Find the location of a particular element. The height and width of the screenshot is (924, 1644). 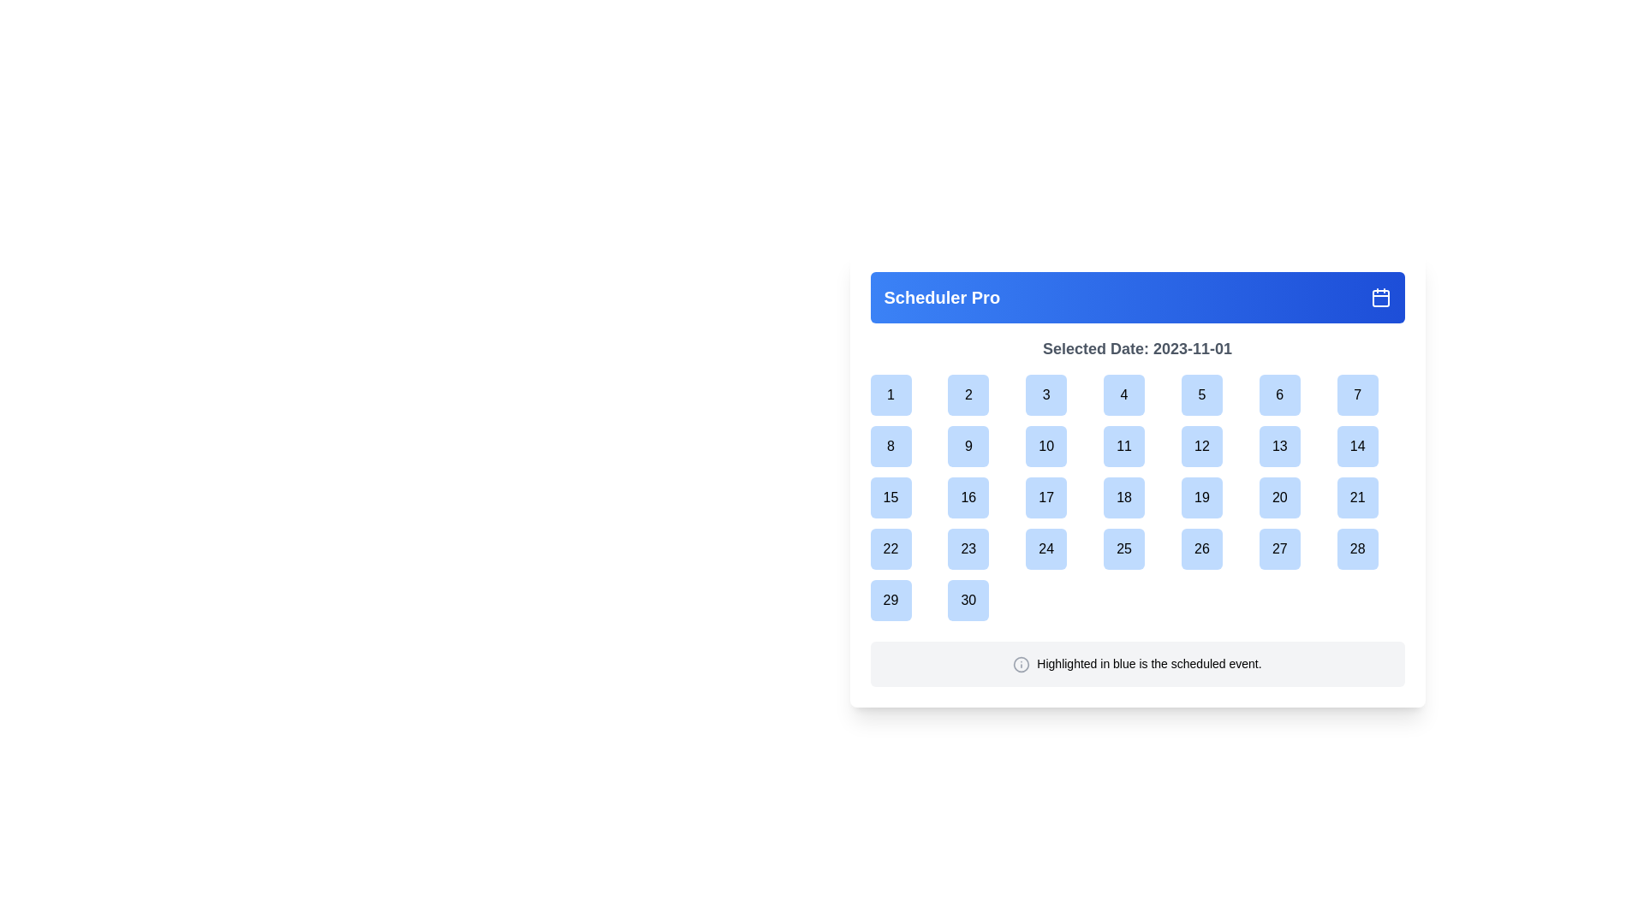

the grid of buttons representing calendar days is located at coordinates (1137, 511).